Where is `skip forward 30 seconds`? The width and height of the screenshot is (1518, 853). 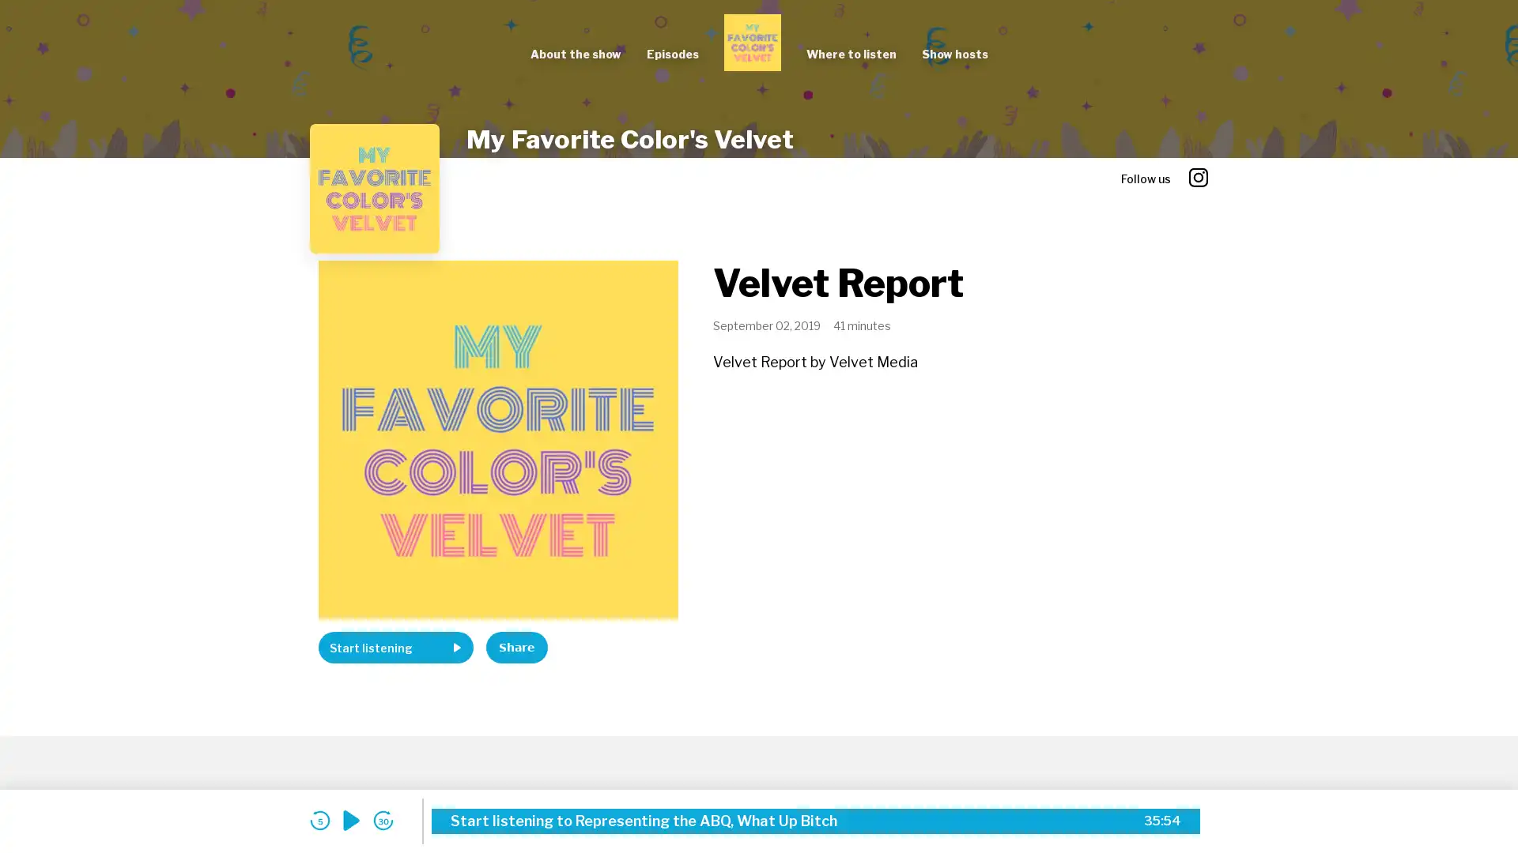
skip forward 30 seconds is located at coordinates (383, 820).